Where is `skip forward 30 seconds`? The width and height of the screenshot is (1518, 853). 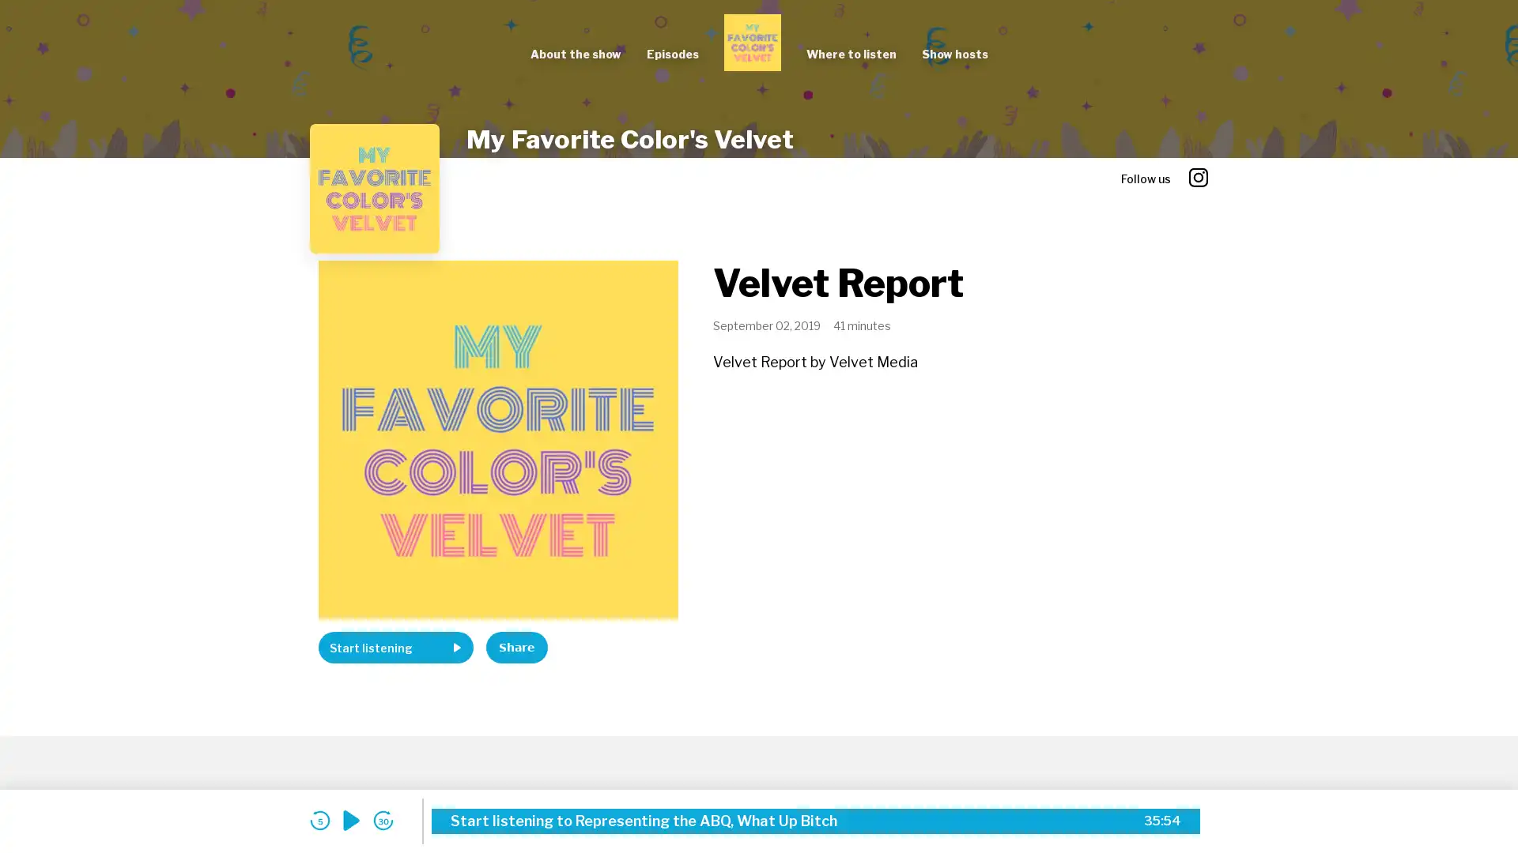
skip forward 30 seconds is located at coordinates (383, 820).